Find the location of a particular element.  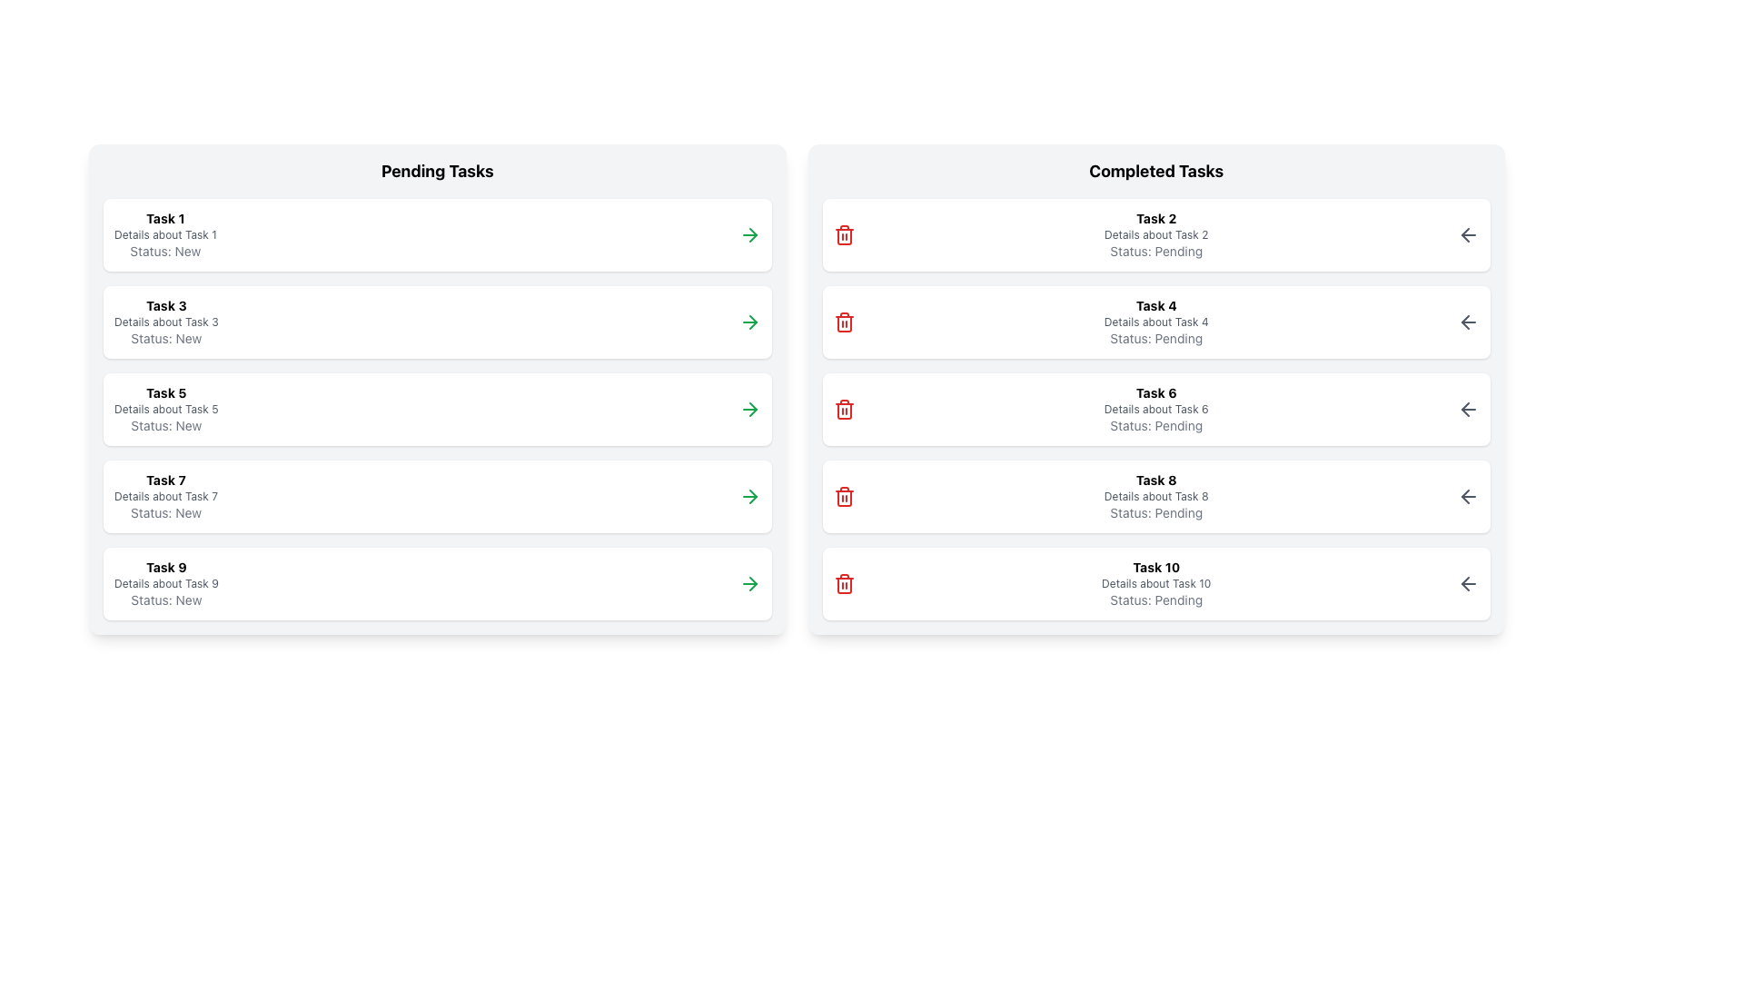

the small red trash can icon located on the left side of the box containing 'Task 6' is located at coordinates (843, 410).